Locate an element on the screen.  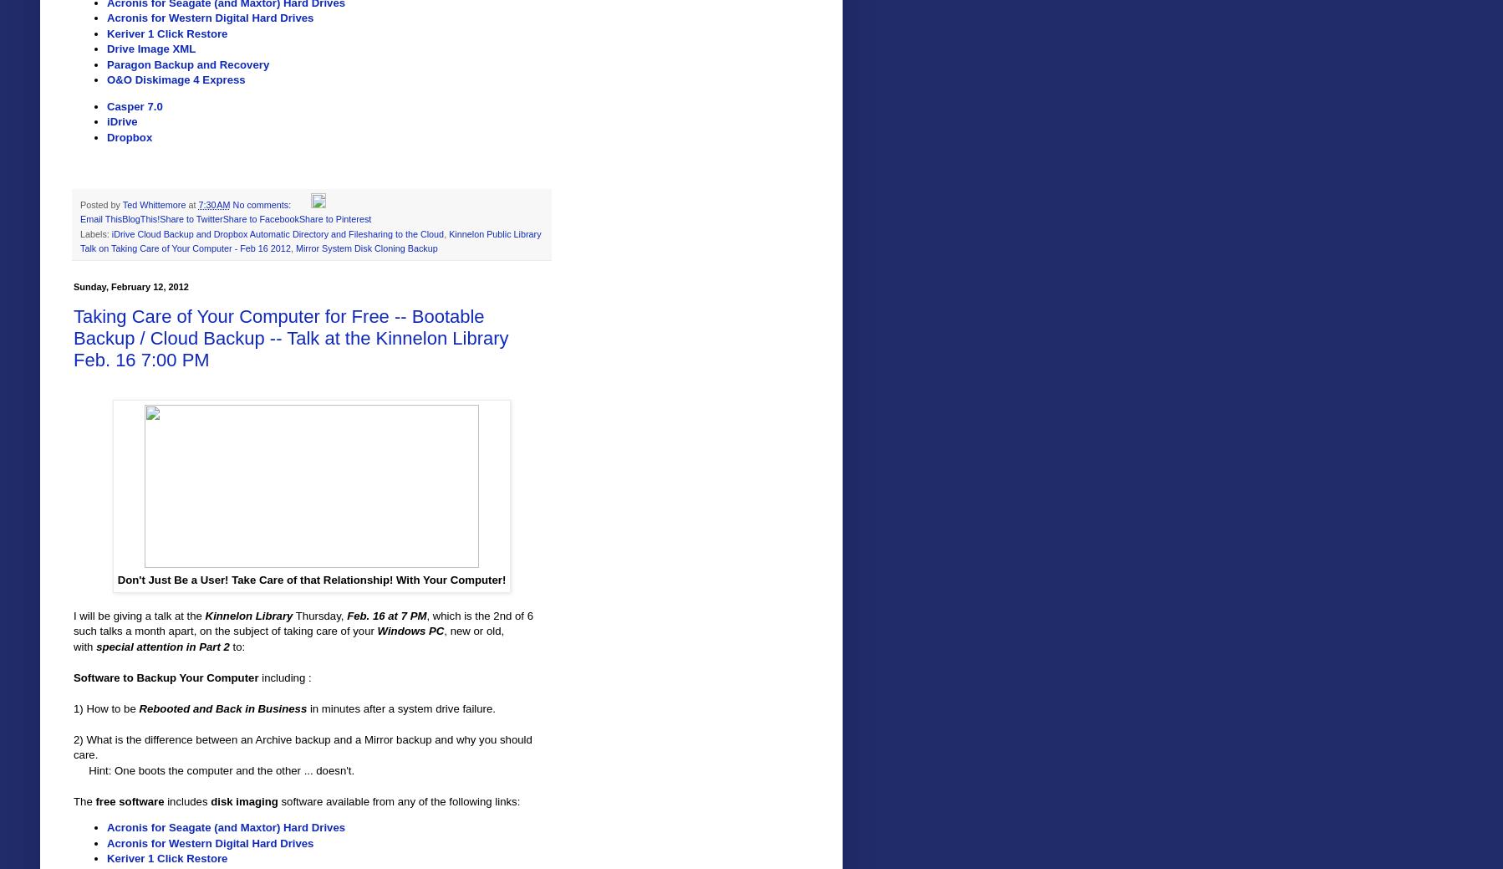
'Share to Facebook' is located at coordinates (222, 219).